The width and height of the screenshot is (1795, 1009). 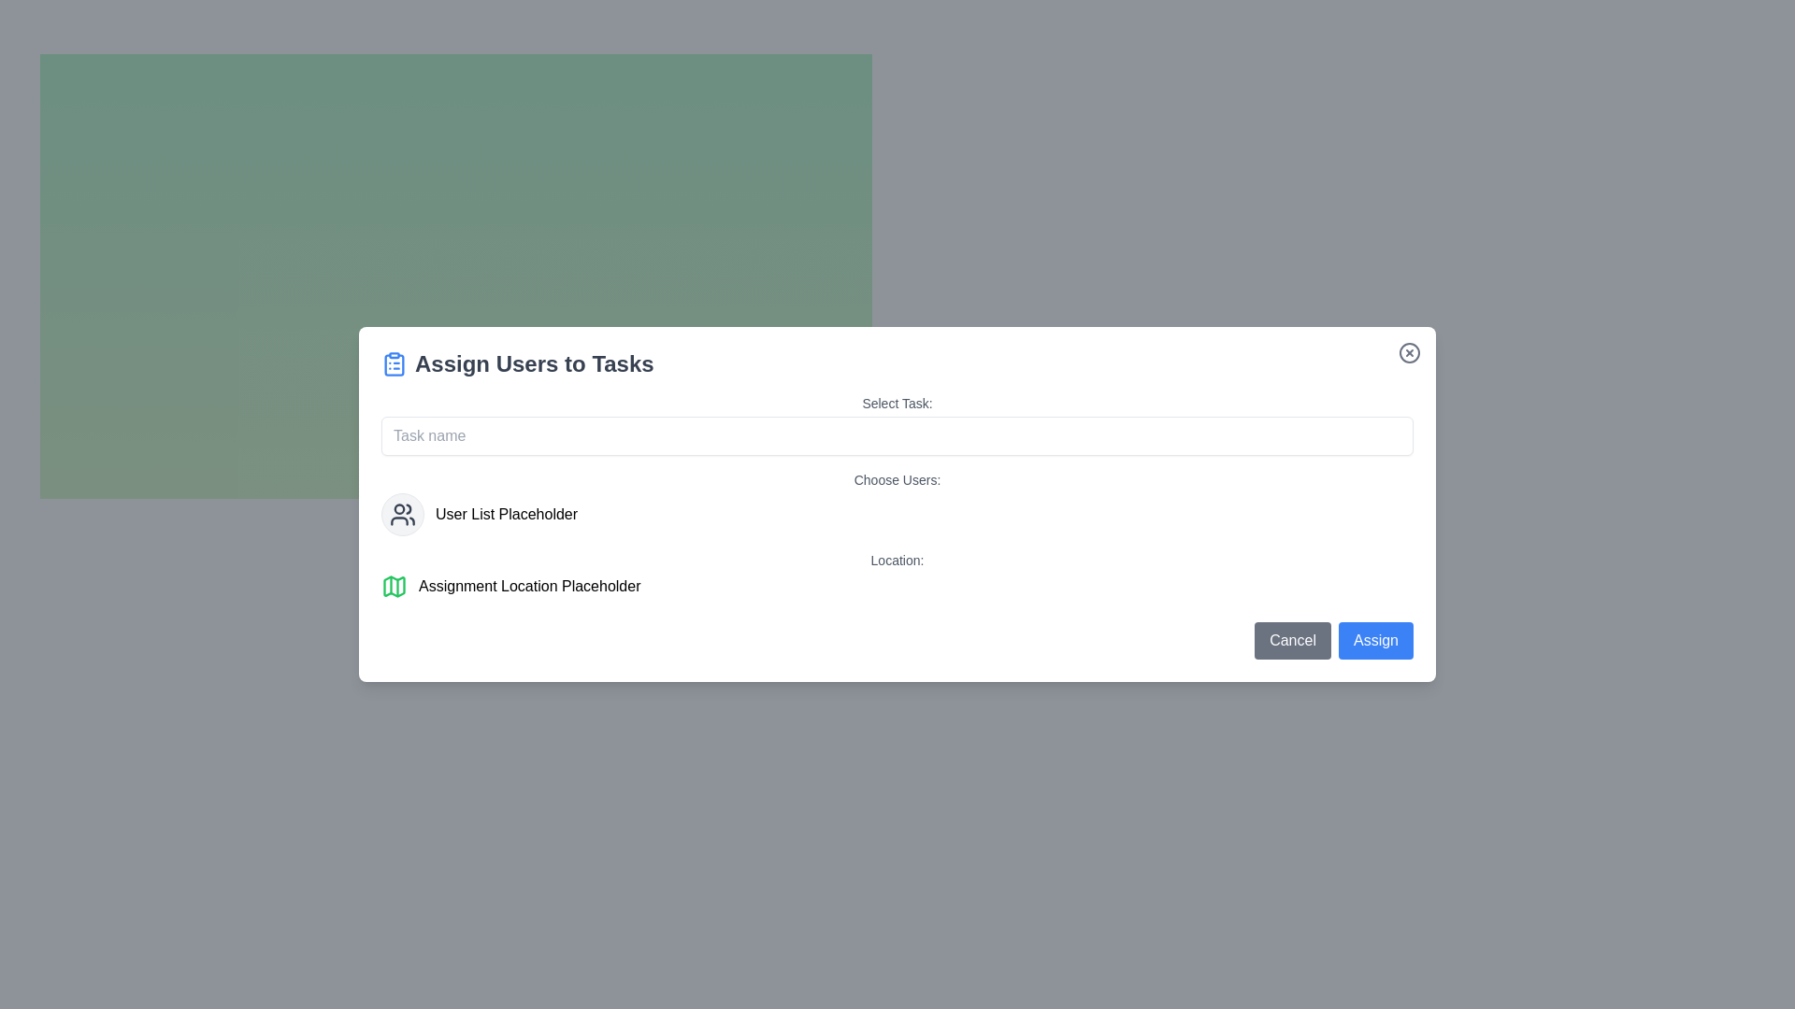 What do you see at coordinates (897, 503) in the screenshot?
I see `the composite UI element labeled 'Choose Users:' that features a user icon and placeholder text 'User List Placeholder'` at bounding box center [897, 503].